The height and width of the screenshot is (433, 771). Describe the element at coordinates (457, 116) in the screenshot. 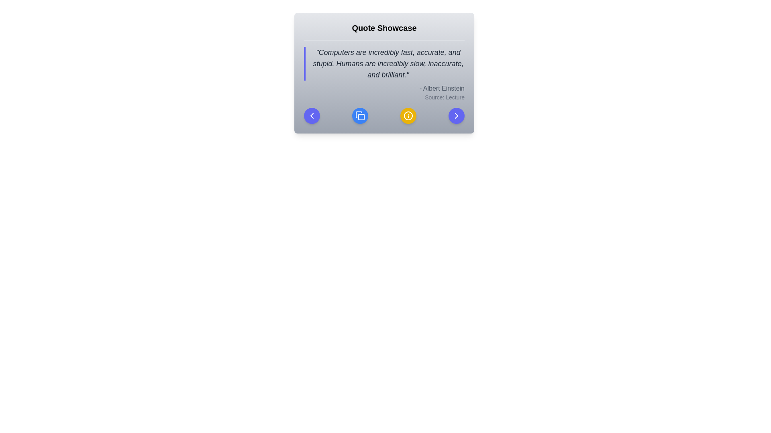

I see `the icon located at the center of the indigo-colored button in the bottom-right corner of the card layout to potentially reveal a tooltip` at that location.